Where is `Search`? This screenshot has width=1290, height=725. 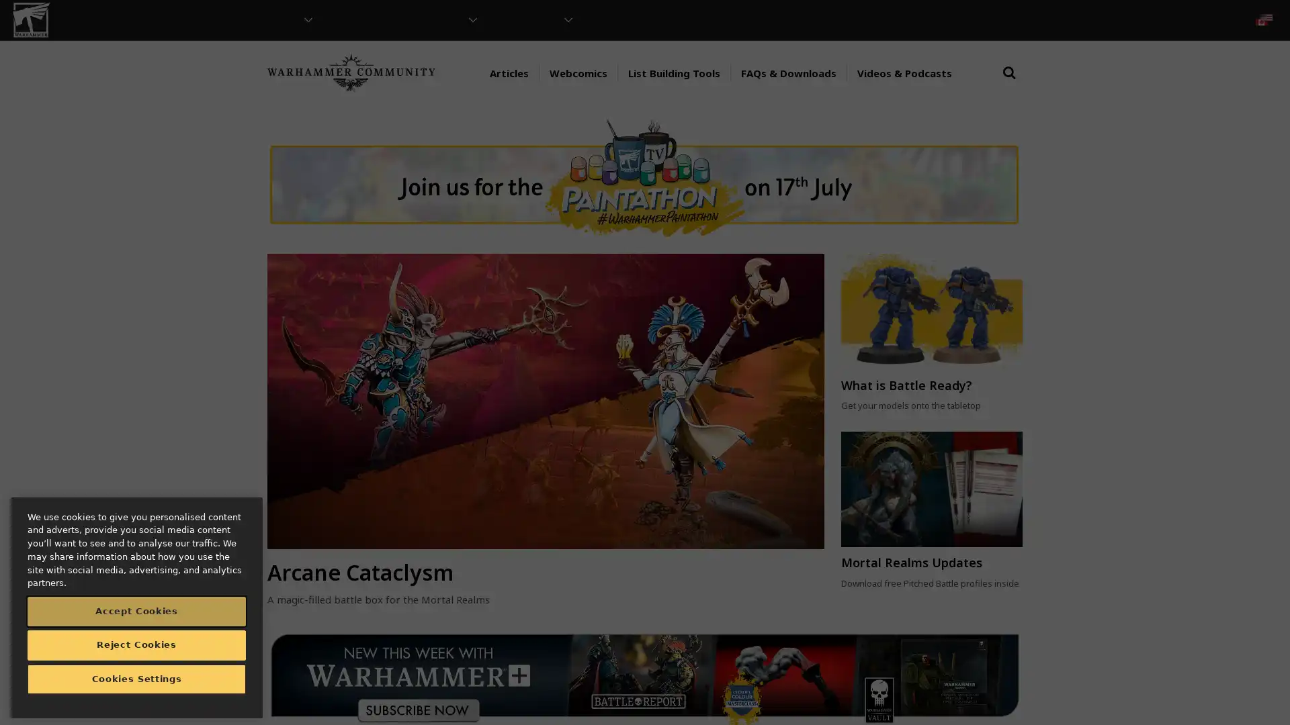
Search is located at coordinates (1009, 85).